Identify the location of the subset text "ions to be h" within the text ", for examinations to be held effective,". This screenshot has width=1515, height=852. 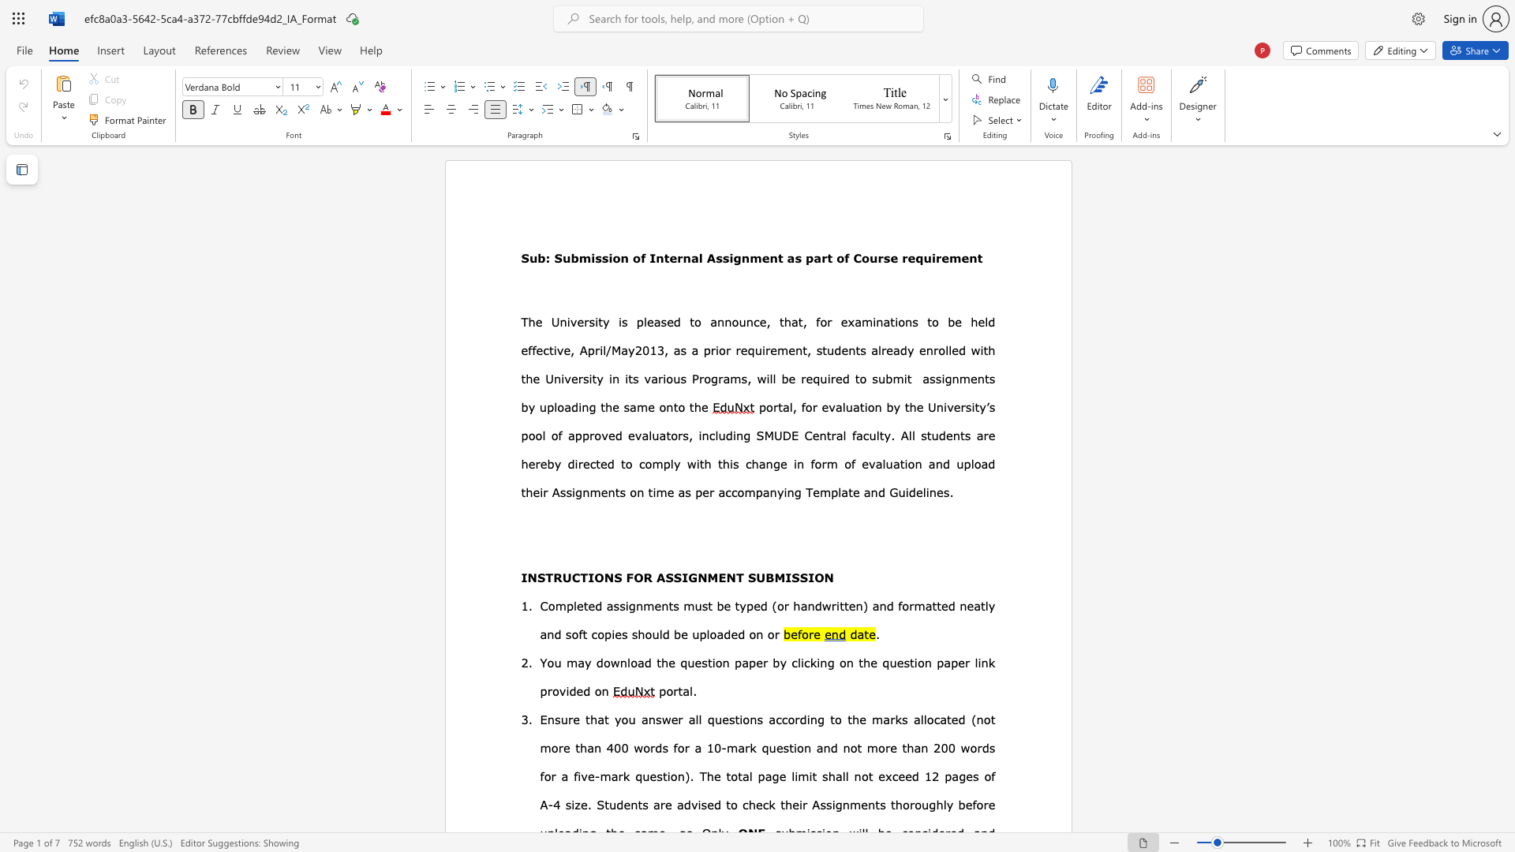
(895, 321).